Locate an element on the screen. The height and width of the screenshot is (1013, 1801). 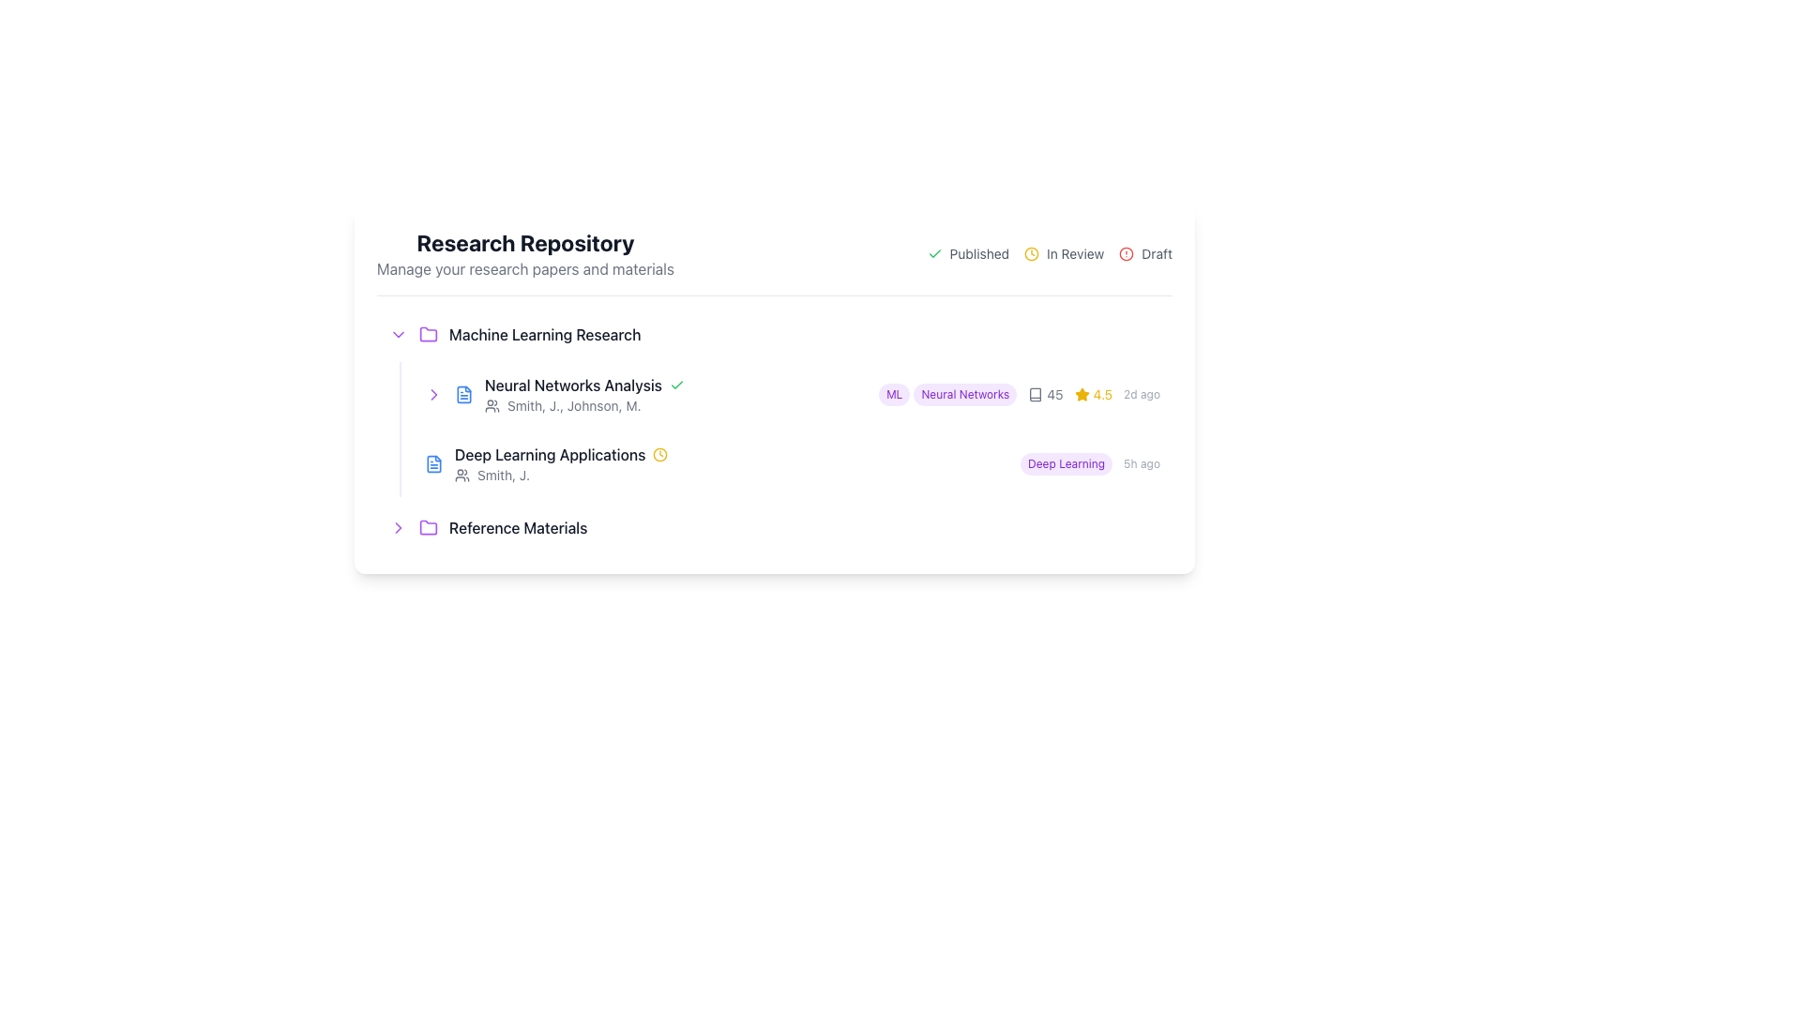
the label displaying 'Neural Networks', which is a small, rounded rectangle with a purple background and text, positioned within the list item adjacent to the 'ML' label is located at coordinates (965, 393).